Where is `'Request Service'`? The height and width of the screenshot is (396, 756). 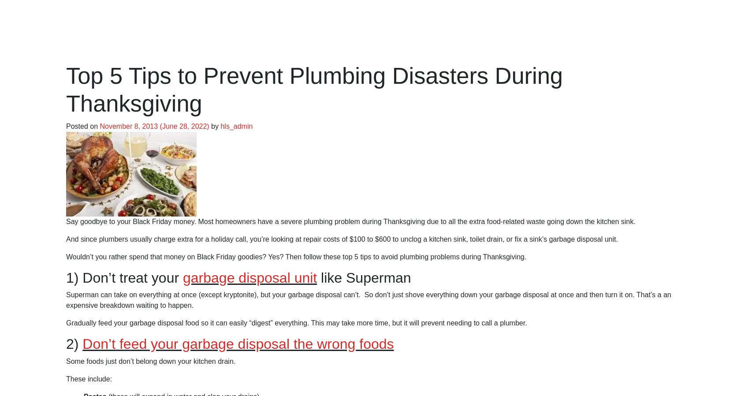
'Request Service' is located at coordinates (625, 43).